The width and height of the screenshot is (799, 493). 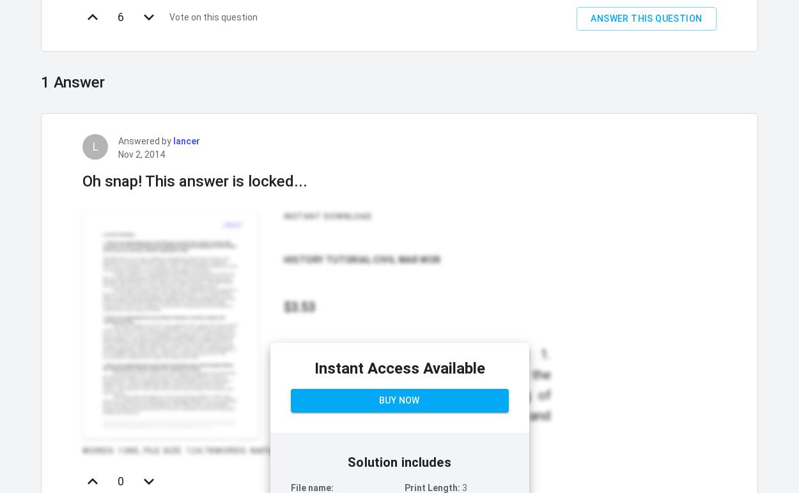 What do you see at coordinates (141, 153) in the screenshot?
I see `'Nov 2, 2014'` at bounding box center [141, 153].